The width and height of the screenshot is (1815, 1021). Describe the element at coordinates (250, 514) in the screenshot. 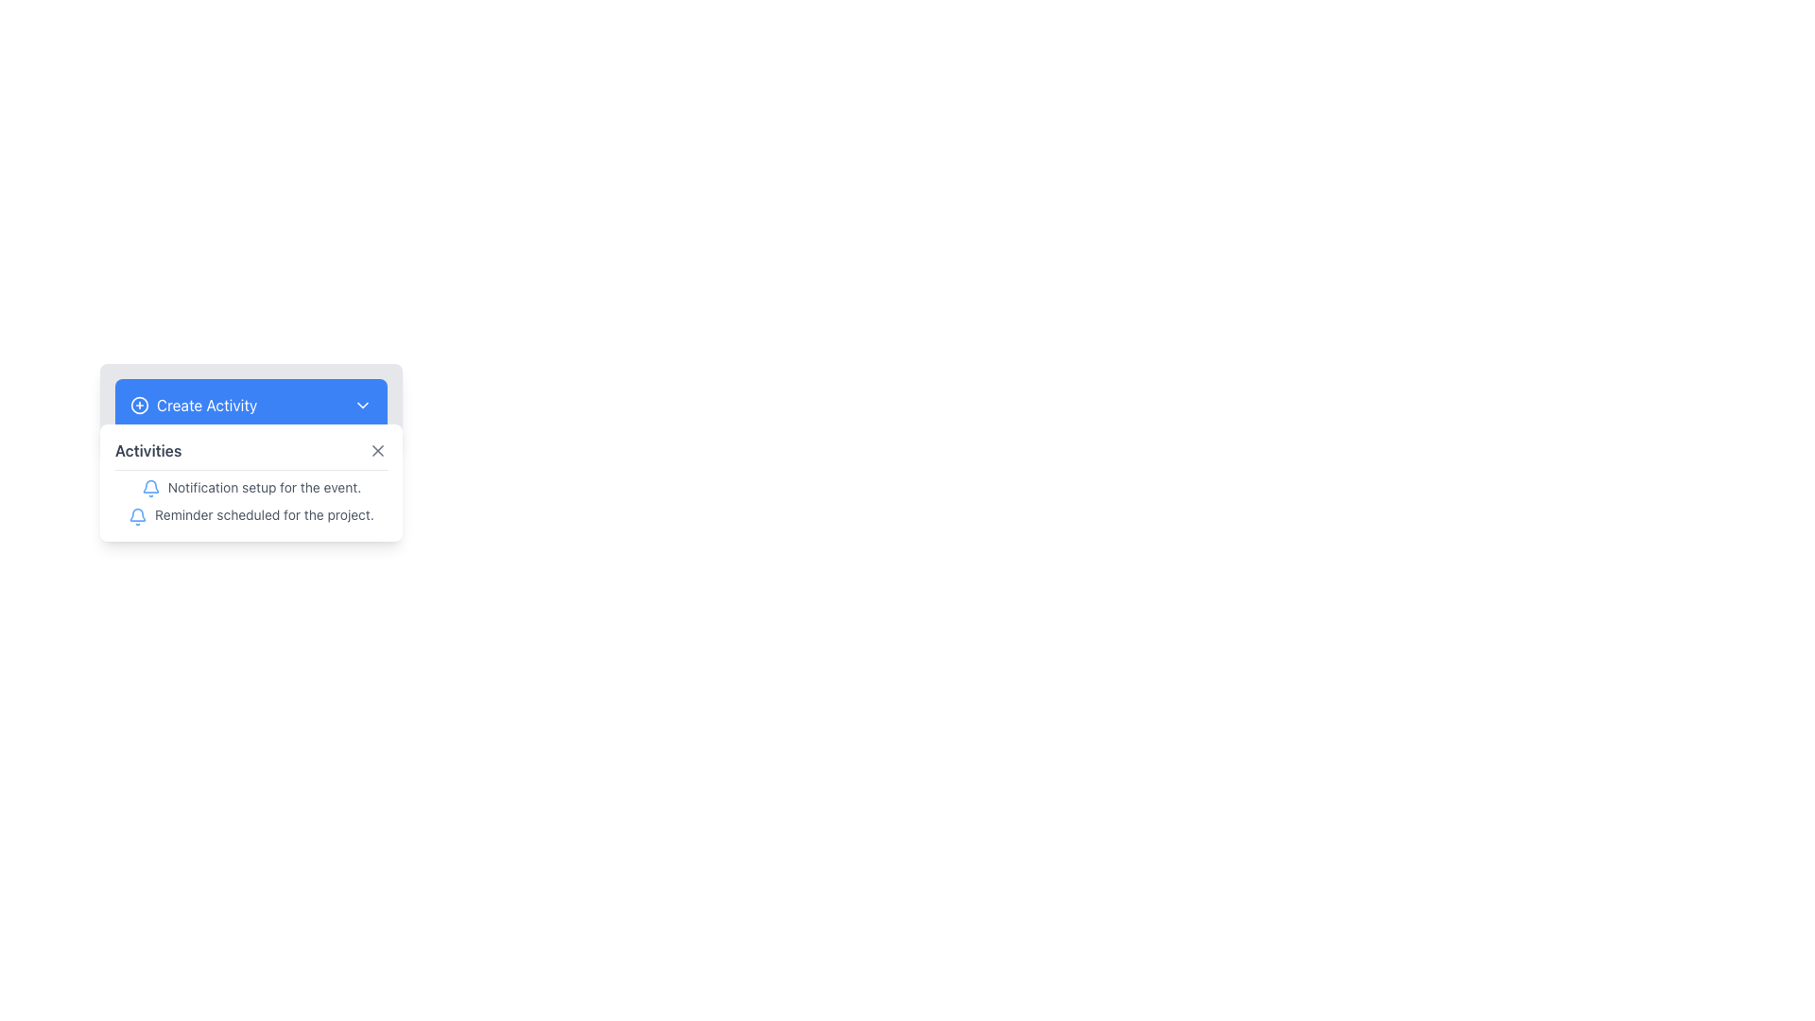

I see `the second notification message under the 'Activities' section, which provides scheduling information for a project reminder` at that location.